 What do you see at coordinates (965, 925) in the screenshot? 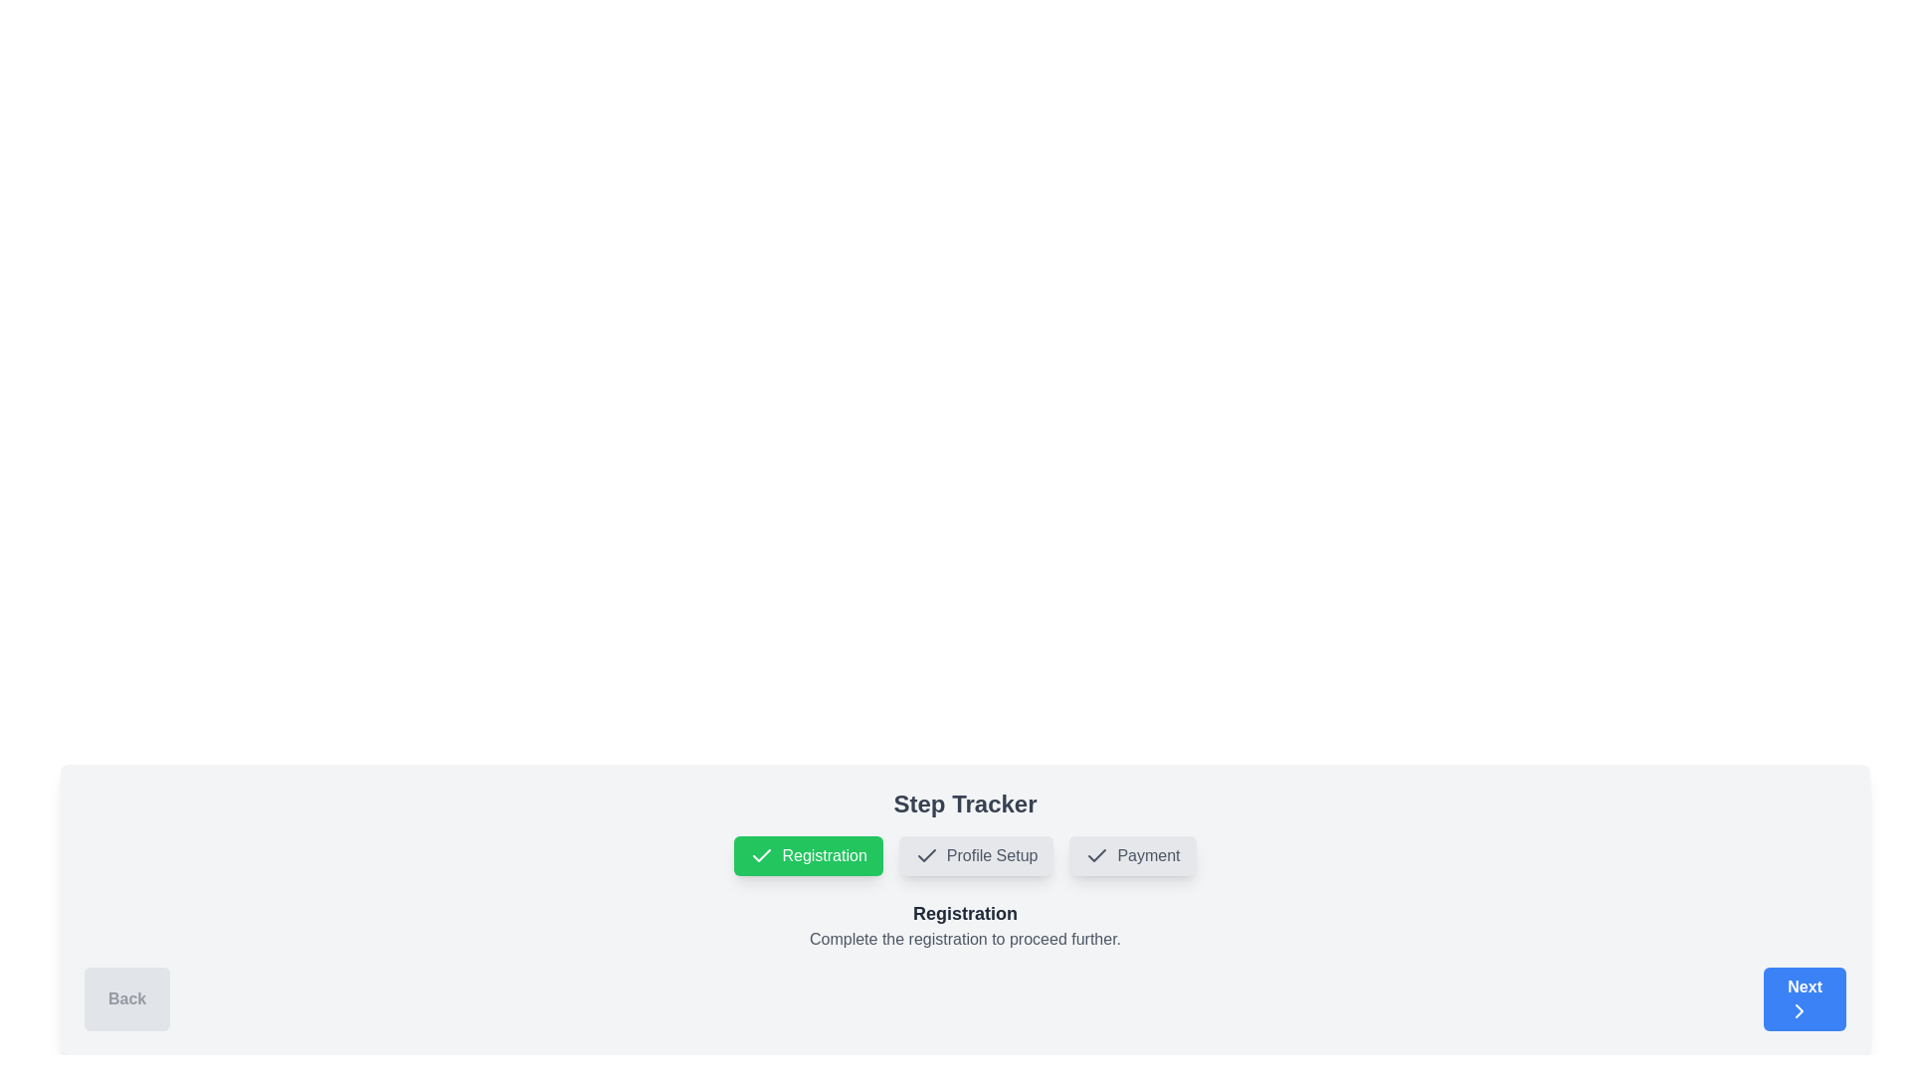
I see `the Text Display Section that provides instructions for completing the registration process, located centrally below the 'Step Tracker' title and above the 'Back' and 'Next' buttons` at bounding box center [965, 925].